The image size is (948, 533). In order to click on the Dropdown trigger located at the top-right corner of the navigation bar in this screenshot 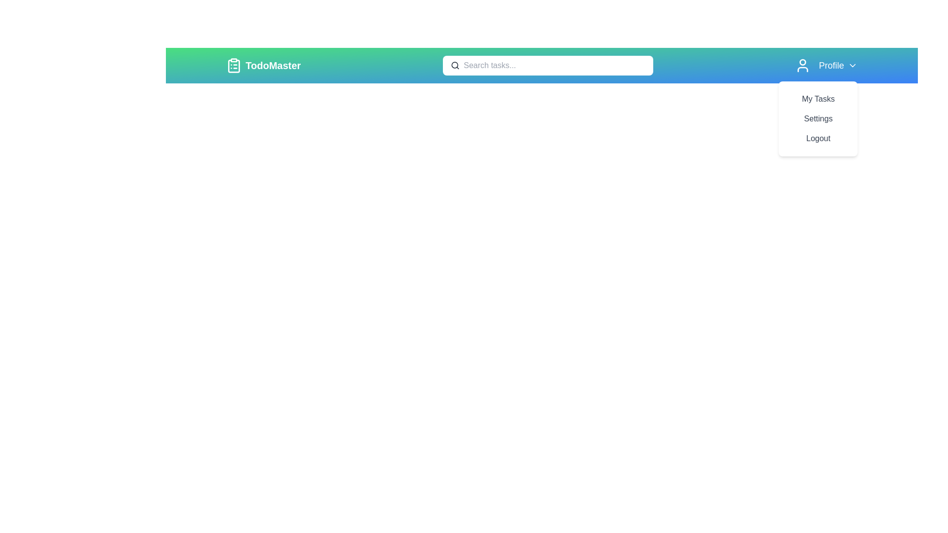, I will do `click(827, 65)`.